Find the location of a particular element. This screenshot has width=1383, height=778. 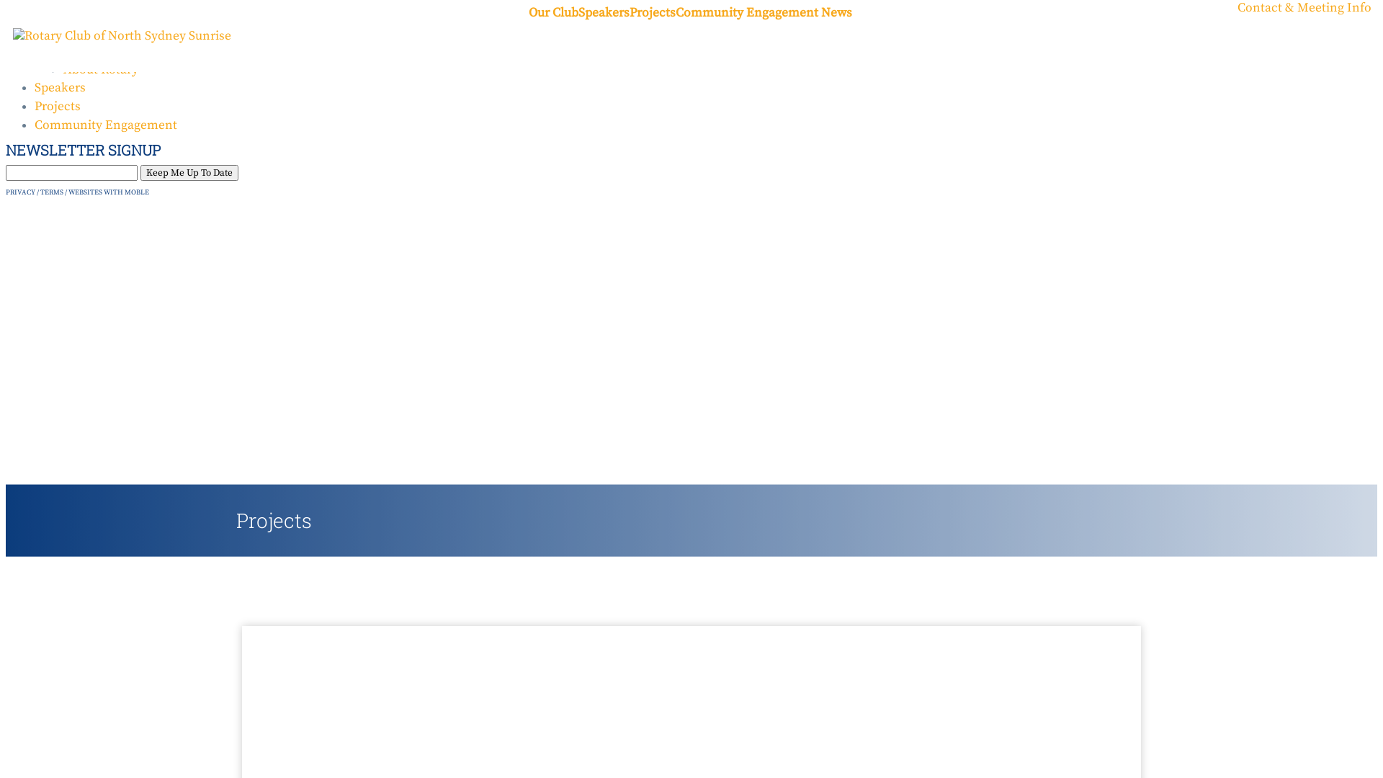

'TERMS' is located at coordinates (40, 191).